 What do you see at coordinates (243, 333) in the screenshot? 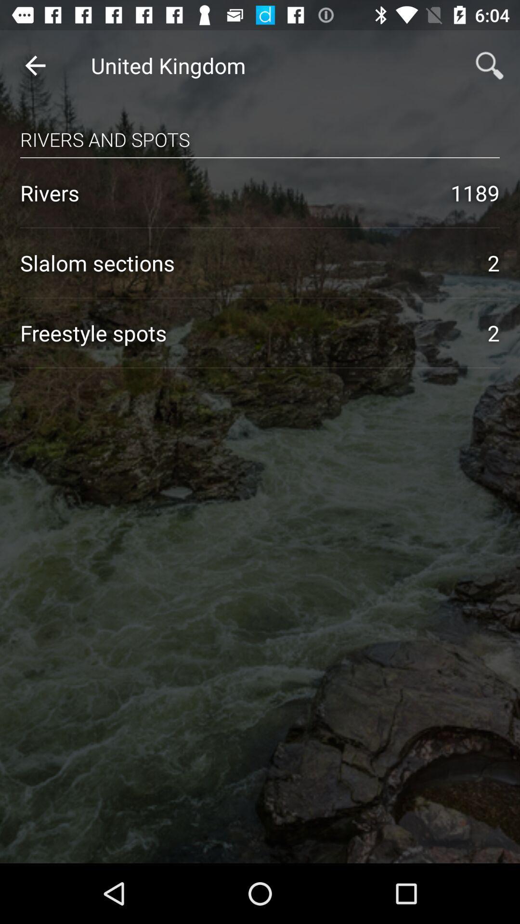
I see `the freestyle spots` at bounding box center [243, 333].